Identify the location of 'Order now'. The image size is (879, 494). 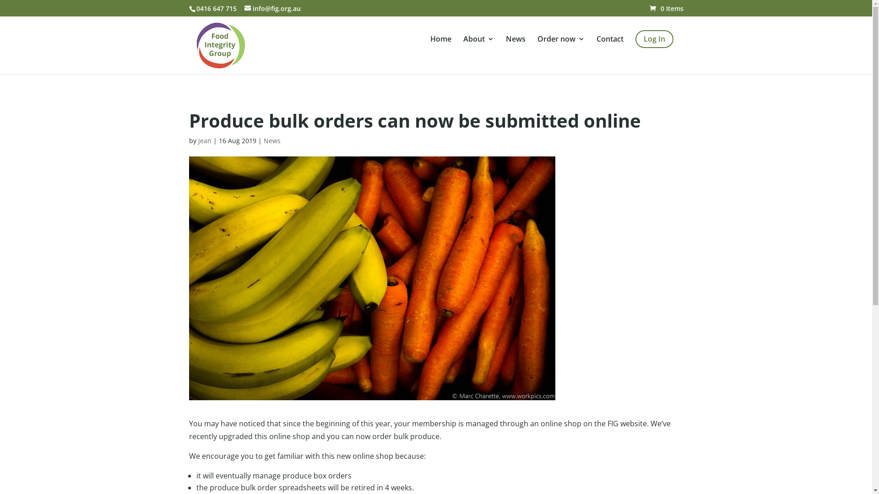
(560, 46).